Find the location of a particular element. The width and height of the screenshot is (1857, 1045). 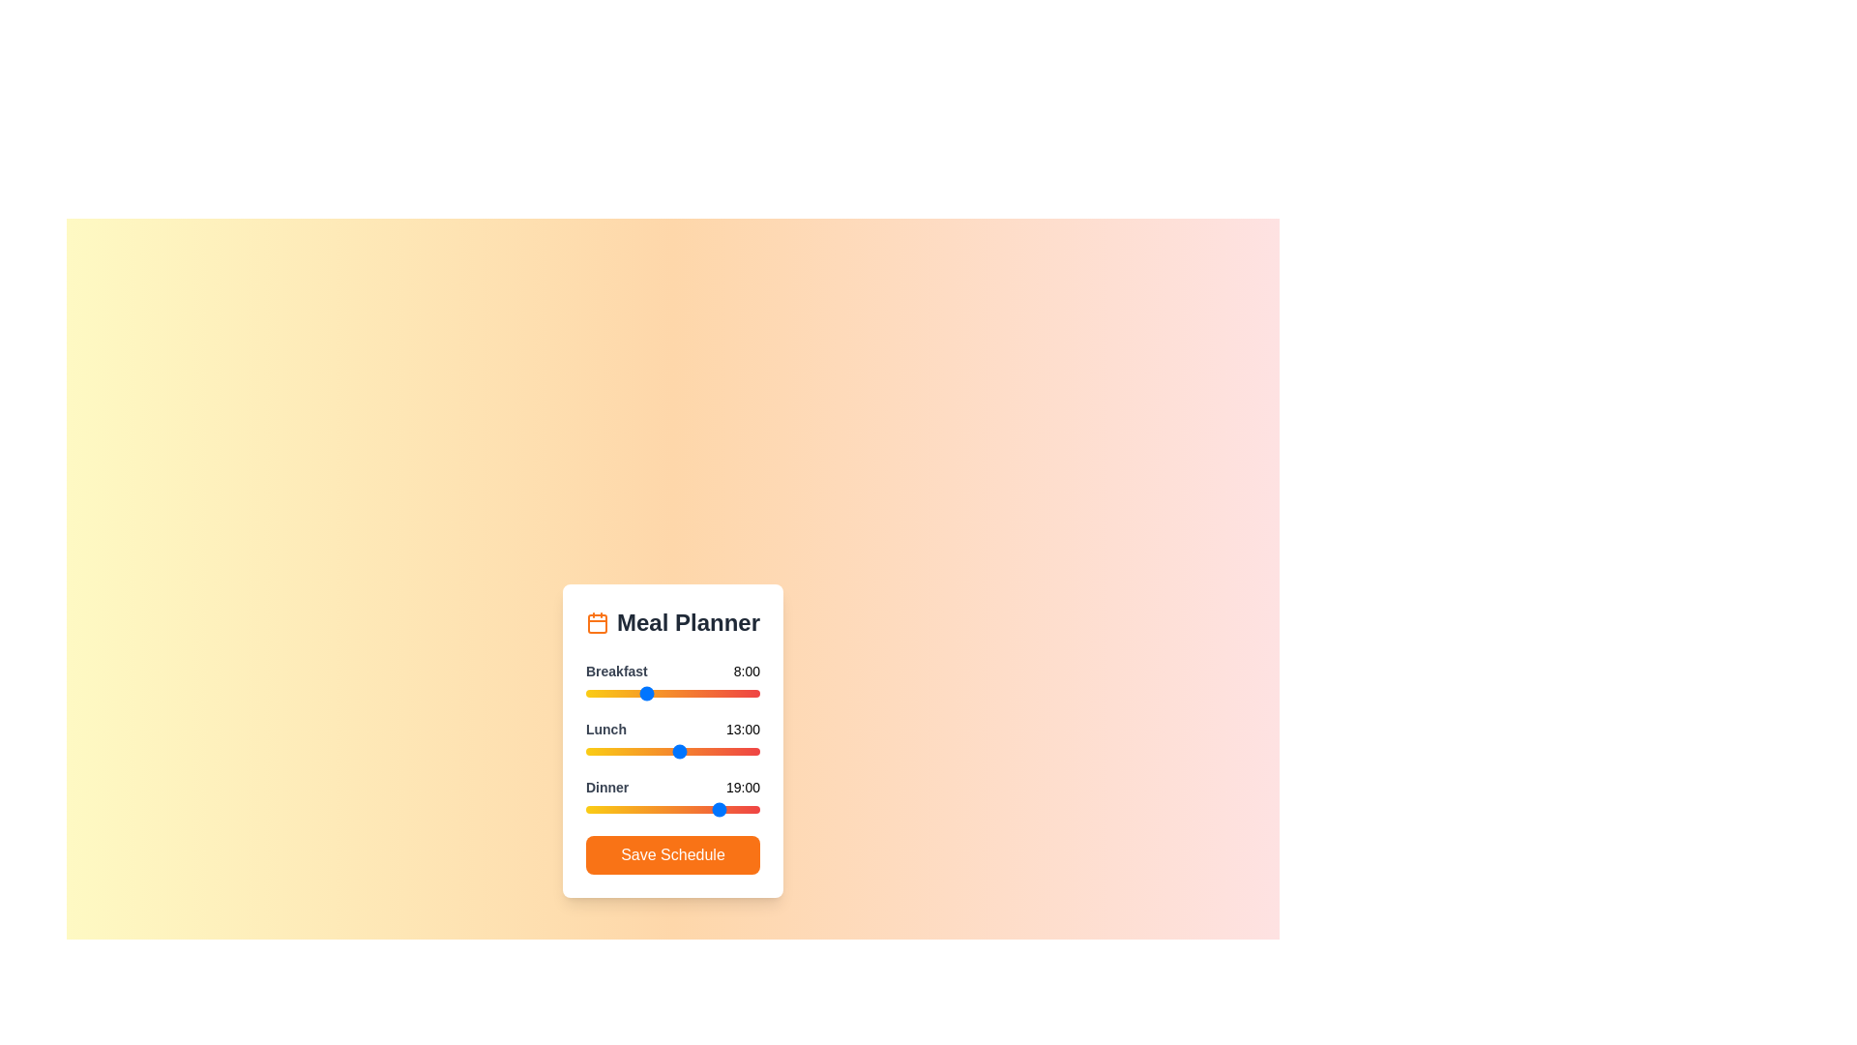

the 1 slider to 12 is located at coordinates (673, 750).